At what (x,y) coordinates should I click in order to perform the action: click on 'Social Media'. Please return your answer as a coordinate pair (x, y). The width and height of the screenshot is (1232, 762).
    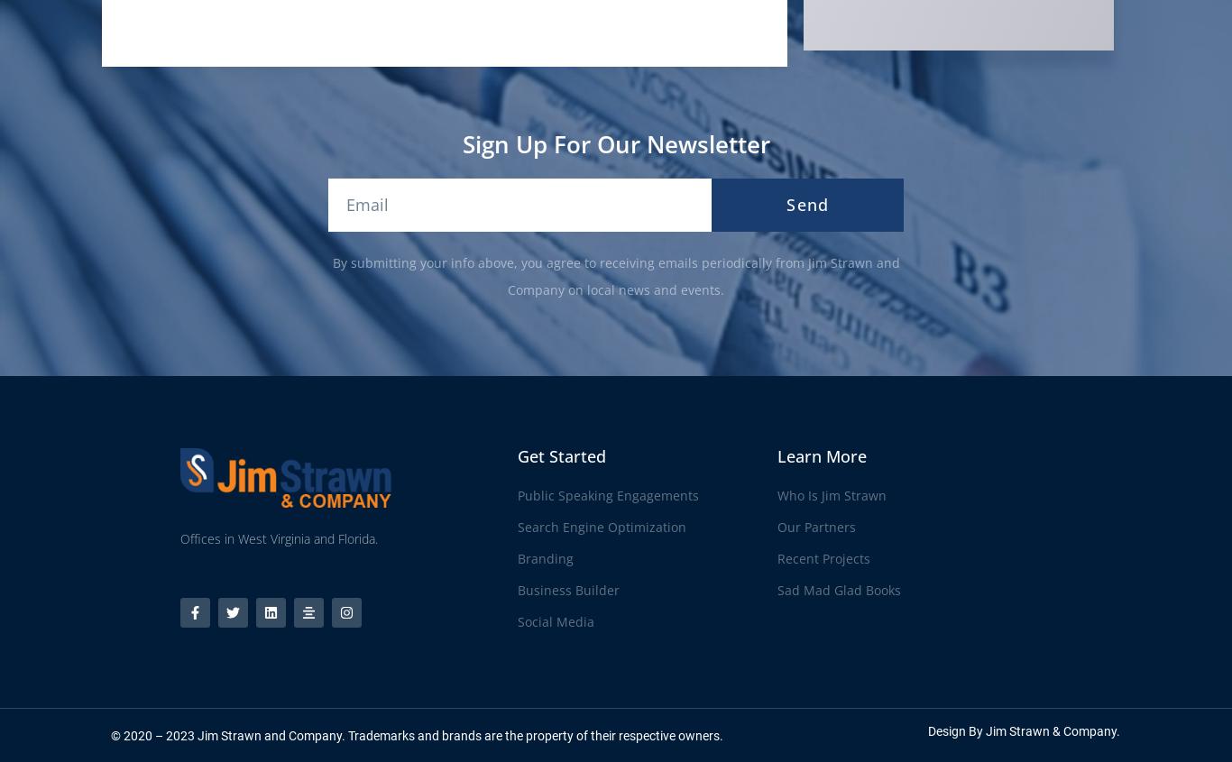
    Looking at the image, I should click on (516, 620).